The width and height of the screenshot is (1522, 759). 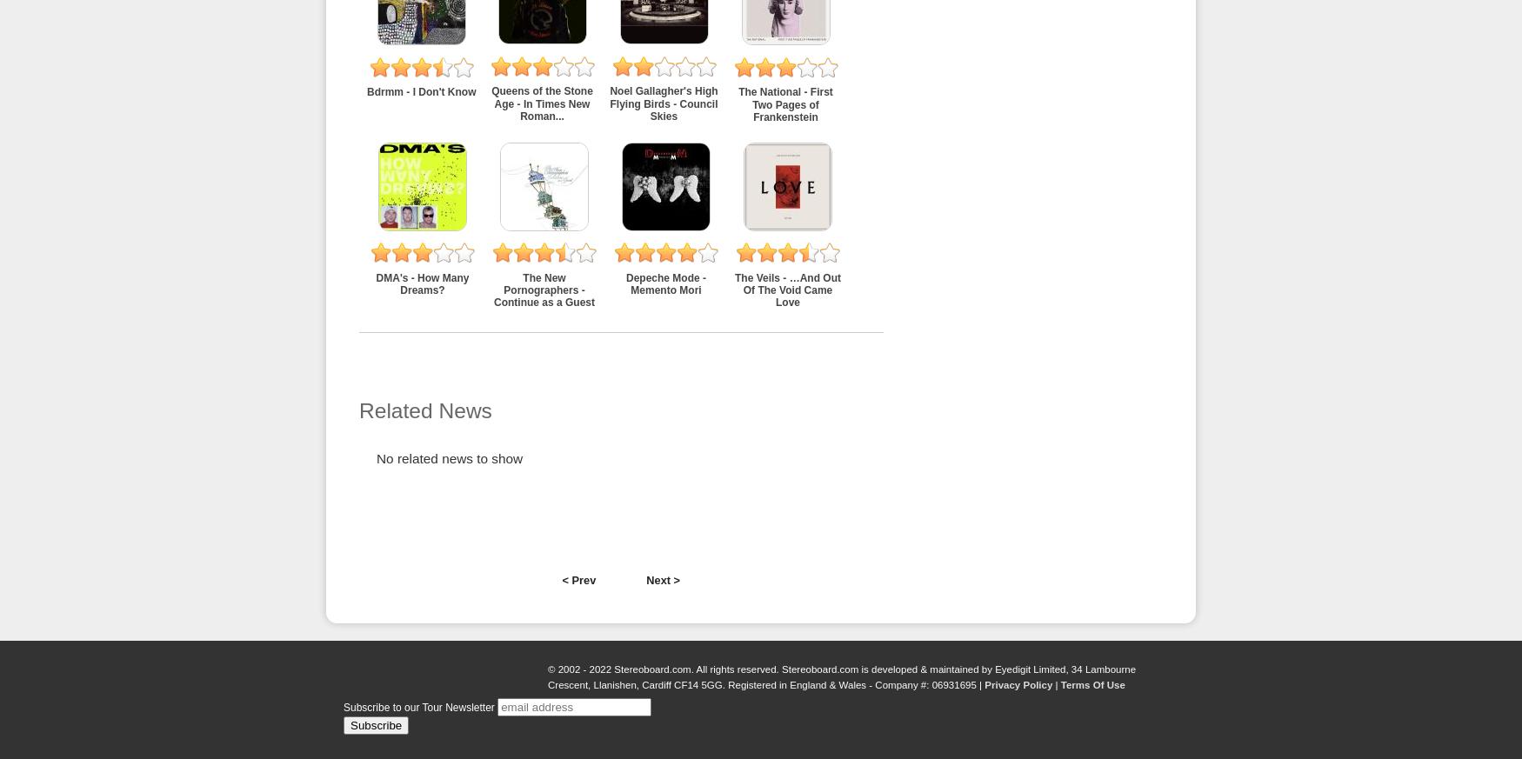 What do you see at coordinates (1017, 684) in the screenshot?
I see `'Privacy Policy'` at bounding box center [1017, 684].